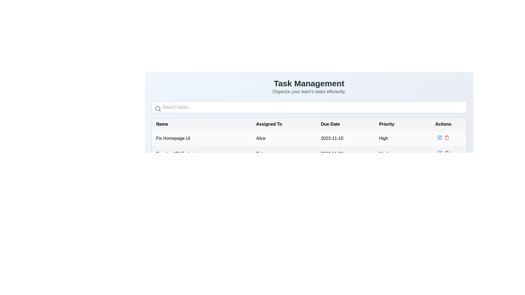 The width and height of the screenshot is (525, 295). I want to click on the circular outline of the magnifying glass icon located in the top-left corner of the search bar, so click(157, 108).